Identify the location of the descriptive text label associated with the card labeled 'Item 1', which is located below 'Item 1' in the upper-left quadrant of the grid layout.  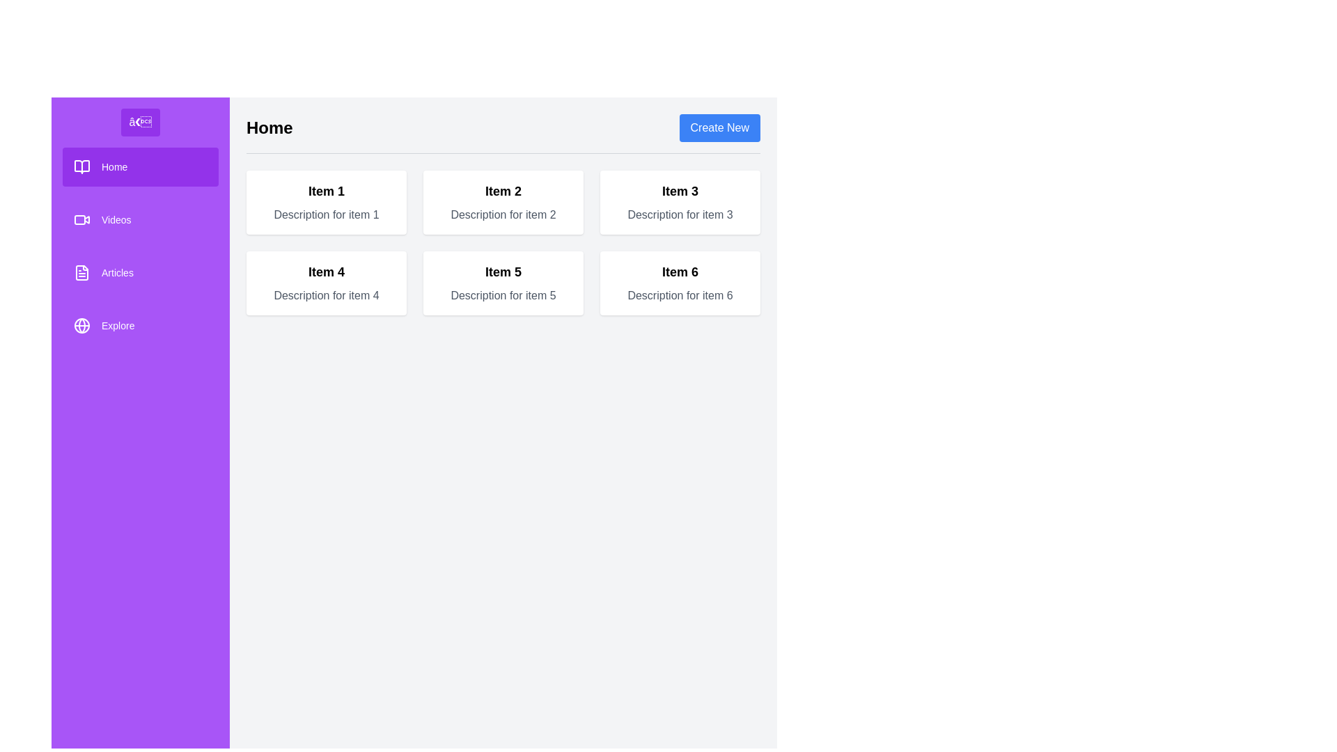
(326, 214).